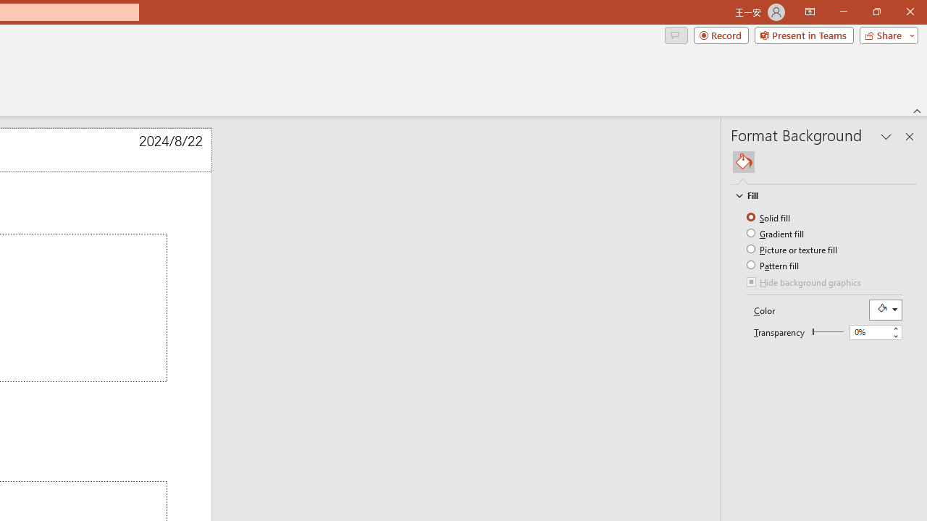 This screenshot has height=521, width=927. I want to click on 'Solid fill', so click(768, 217).